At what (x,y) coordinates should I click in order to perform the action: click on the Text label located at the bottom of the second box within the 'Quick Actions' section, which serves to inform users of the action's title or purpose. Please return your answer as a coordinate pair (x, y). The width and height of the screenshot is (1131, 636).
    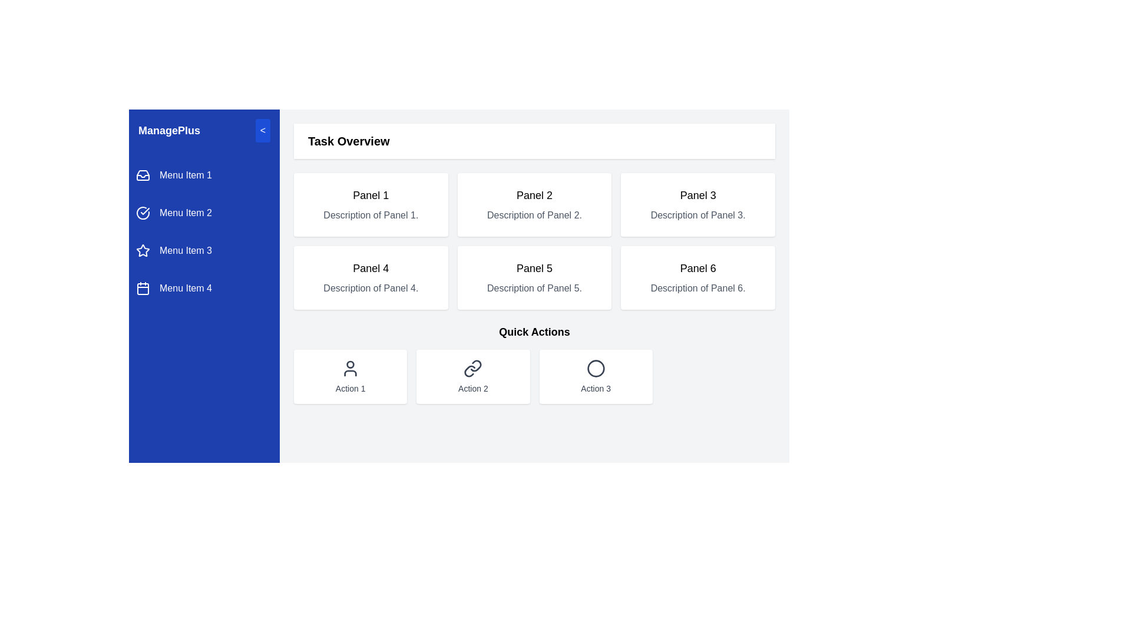
    Looking at the image, I should click on (473, 388).